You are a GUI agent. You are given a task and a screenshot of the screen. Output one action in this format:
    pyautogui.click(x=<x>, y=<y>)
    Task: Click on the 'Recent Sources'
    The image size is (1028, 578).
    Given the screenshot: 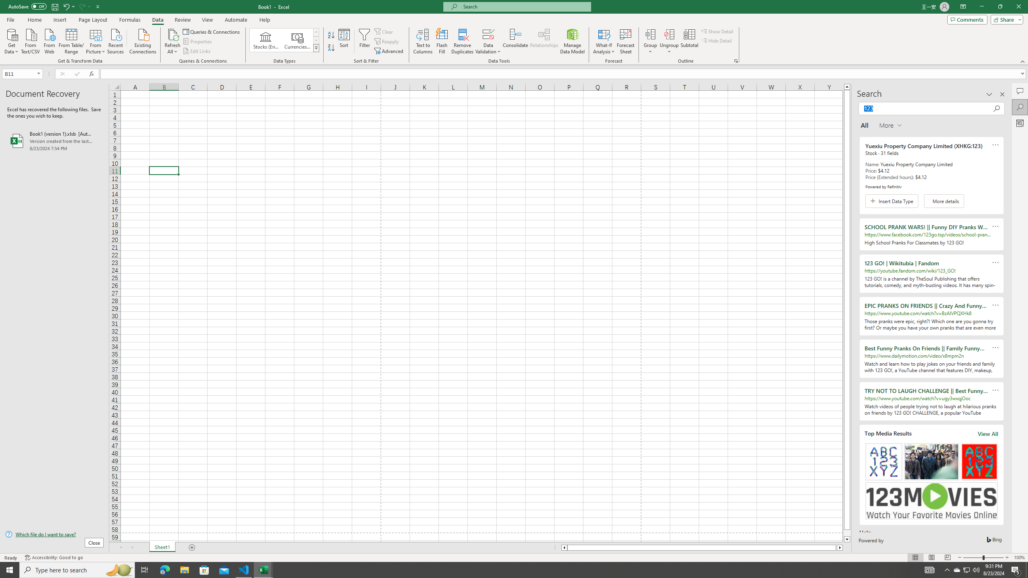 What is the action you would take?
    pyautogui.click(x=116, y=40)
    